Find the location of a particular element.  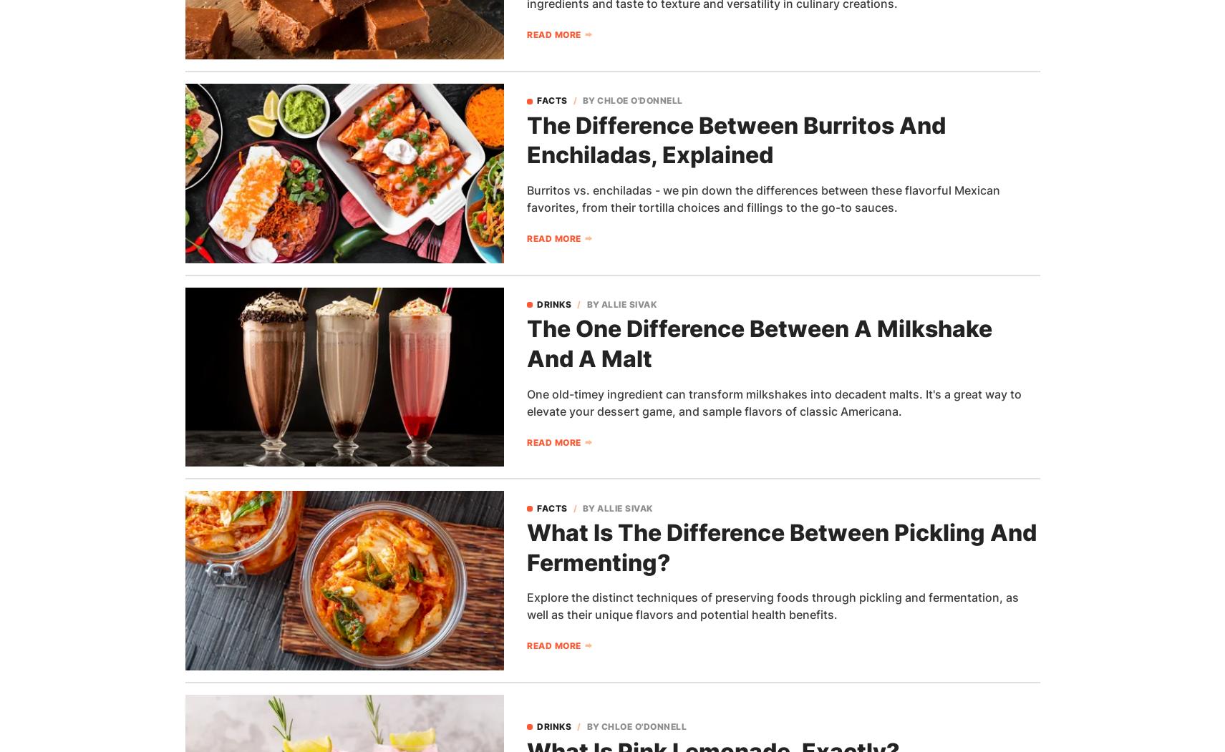

'The One Difference Between A Milkshake And A Malt' is located at coordinates (526, 343).